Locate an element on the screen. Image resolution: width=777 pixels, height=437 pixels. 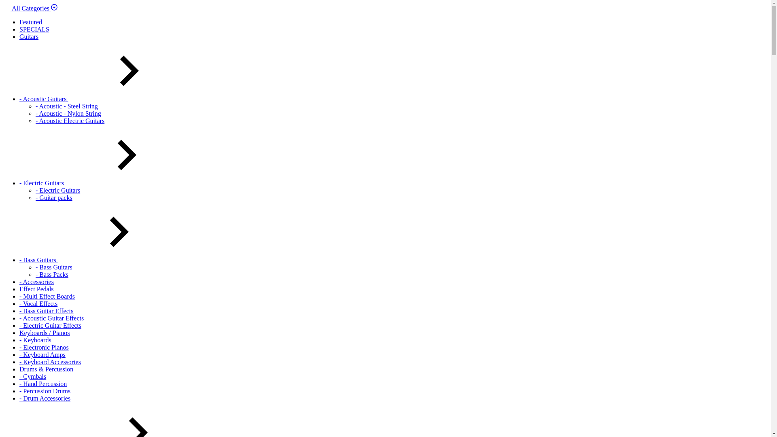
'- Keyboard Accessories' is located at coordinates (50, 361).